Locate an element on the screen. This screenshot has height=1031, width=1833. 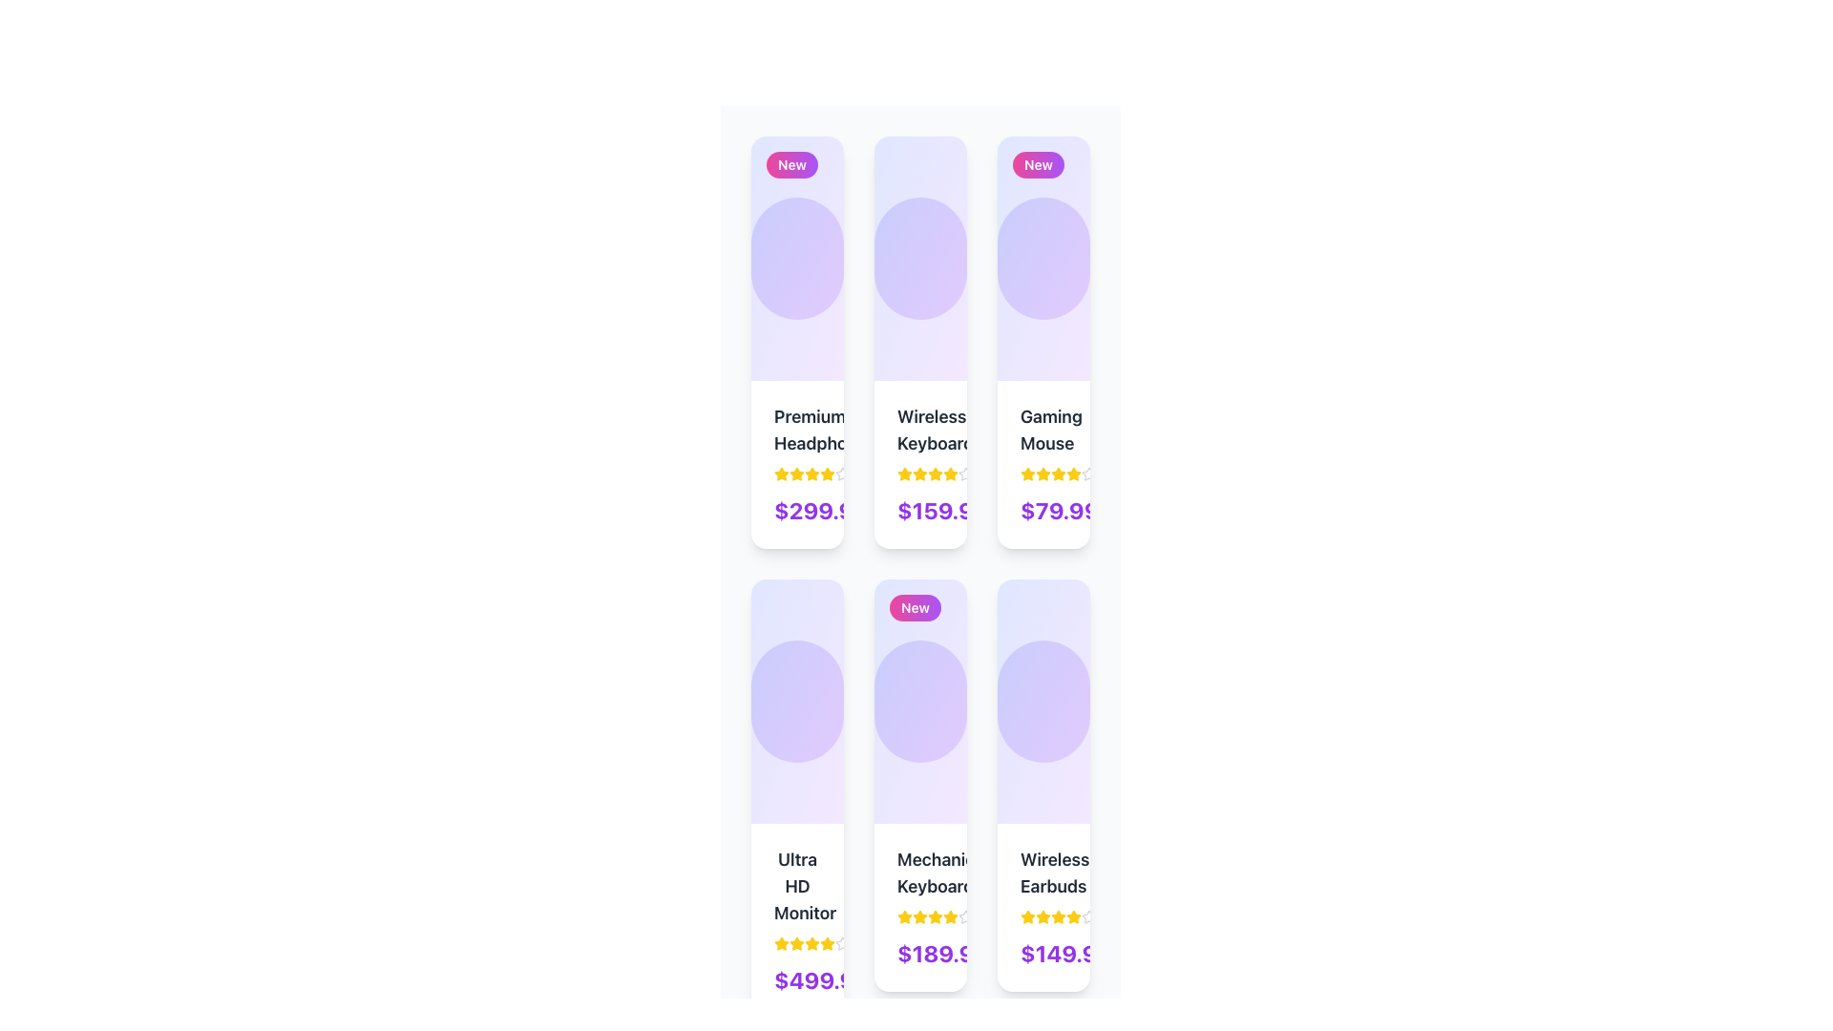
the heart icon, located in the top-right portion of the card for the 'Gaming Mouse' is located at coordinates (1101, 258).